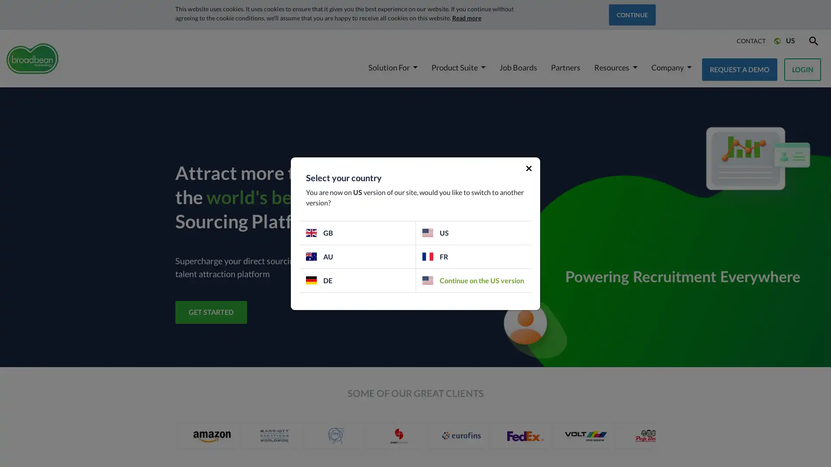 This screenshot has height=467, width=831. What do you see at coordinates (528, 167) in the screenshot?
I see `Close` at bounding box center [528, 167].